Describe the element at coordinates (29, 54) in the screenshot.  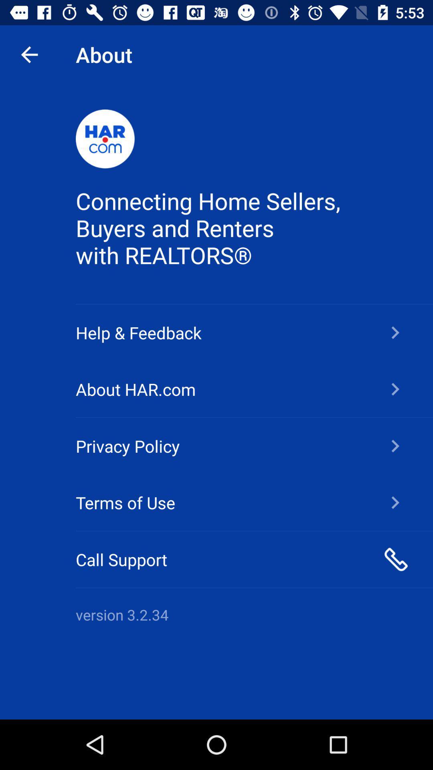
I see `app next to the about` at that location.